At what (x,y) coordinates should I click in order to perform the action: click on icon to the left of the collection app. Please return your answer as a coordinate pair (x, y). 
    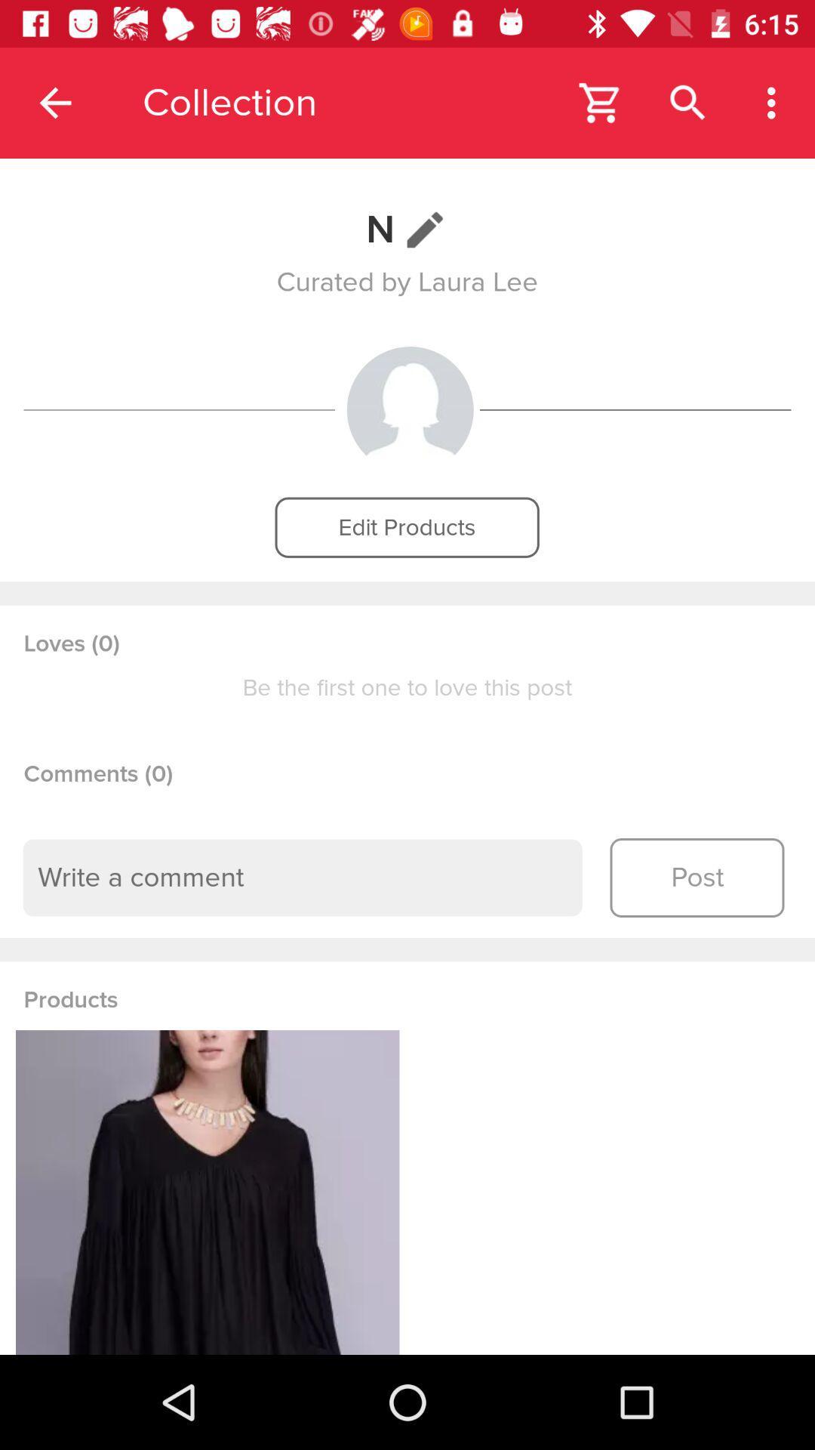
    Looking at the image, I should click on (54, 102).